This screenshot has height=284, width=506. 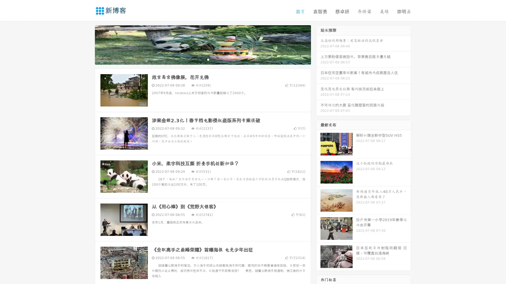 I want to click on Go to slide 3, so click(x=208, y=59).